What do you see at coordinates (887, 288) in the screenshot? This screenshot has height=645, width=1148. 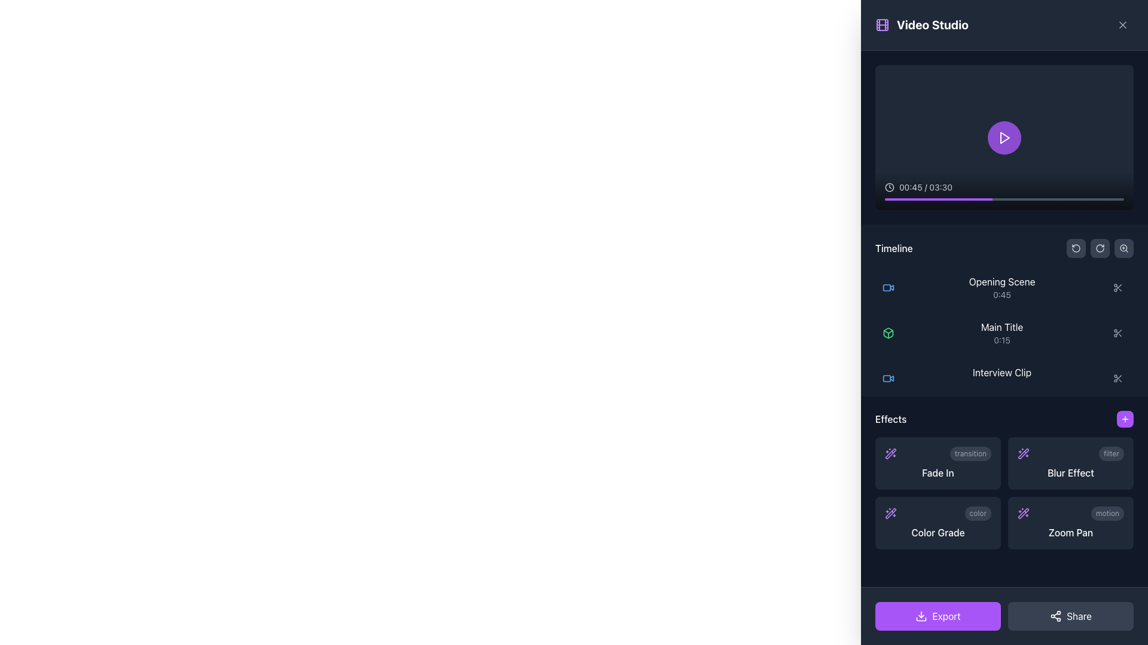 I see `the graphical detail of the rectangular component with rounded edges of the video icon labeled 'Opening Scene', which is indicated with a red camera icon and is the topmost in the timeline` at bounding box center [887, 288].